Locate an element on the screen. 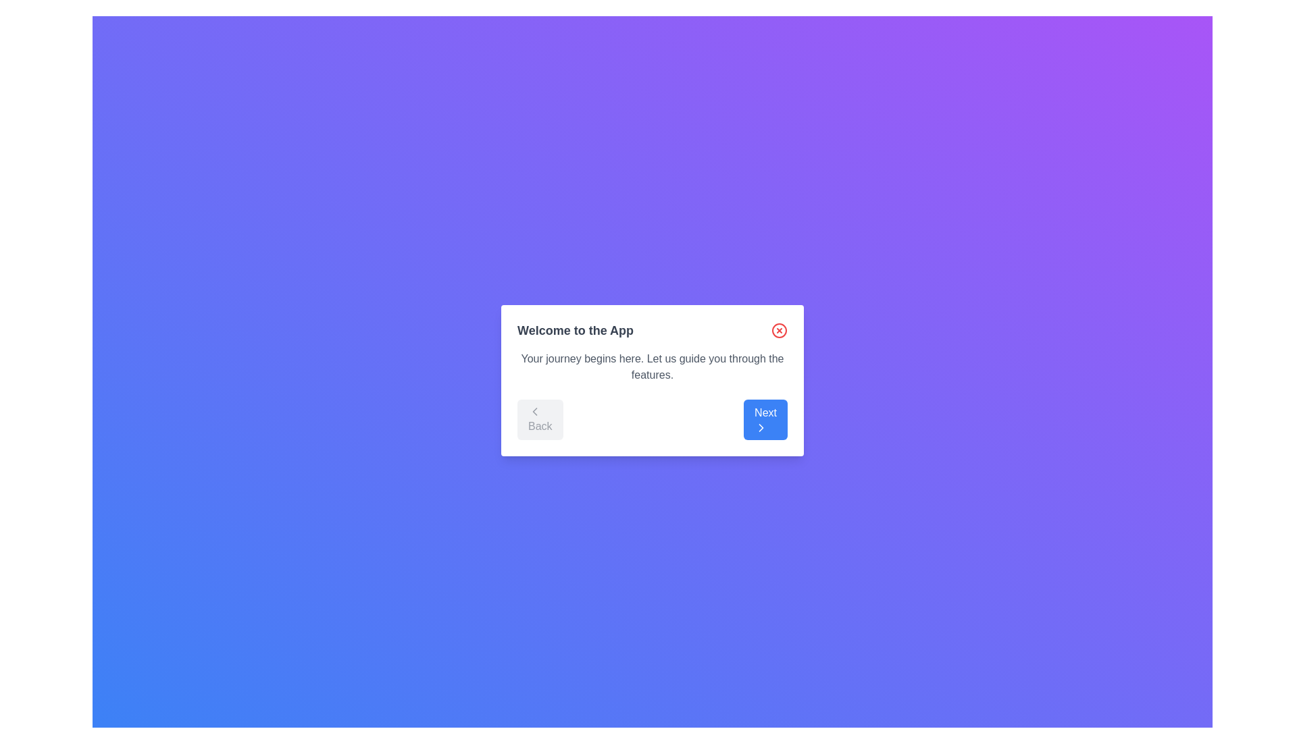 The width and height of the screenshot is (1297, 729). the left arrow icon within the 'Back' button located at the bottom left of the dialog box is located at coordinates (534, 410).